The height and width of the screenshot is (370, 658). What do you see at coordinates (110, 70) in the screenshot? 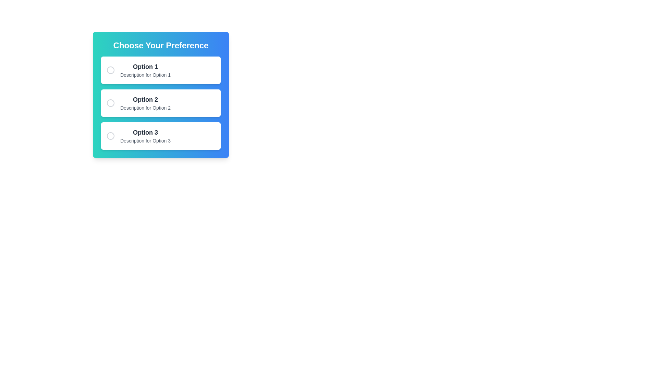
I see `the circular radio button element located to the left of the text 'Option 1'` at bounding box center [110, 70].